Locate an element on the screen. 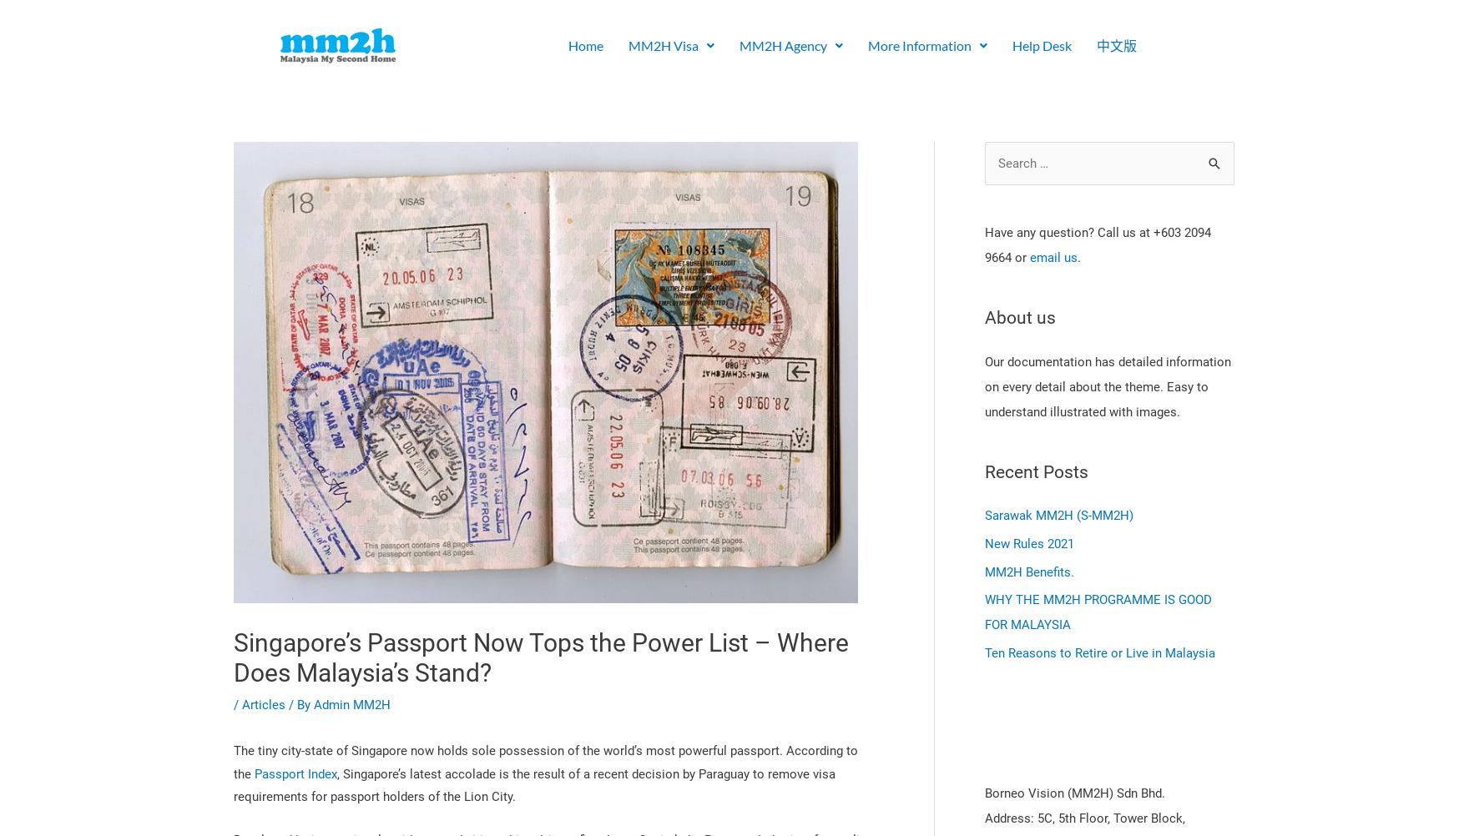 Image resolution: width=1469 pixels, height=836 pixels. 'About Us' is located at coordinates (783, 98).